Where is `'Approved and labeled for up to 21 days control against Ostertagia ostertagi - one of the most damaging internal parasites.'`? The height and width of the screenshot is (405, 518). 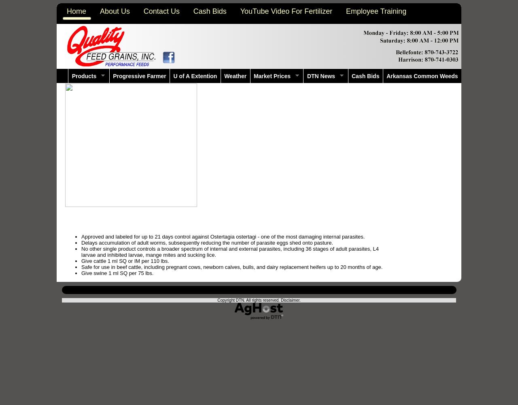 'Approved and labeled for up to 21 days control against Ostertagia ostertagi - one of the most damaging internal parasites.' is located at coordinates (223, 236).